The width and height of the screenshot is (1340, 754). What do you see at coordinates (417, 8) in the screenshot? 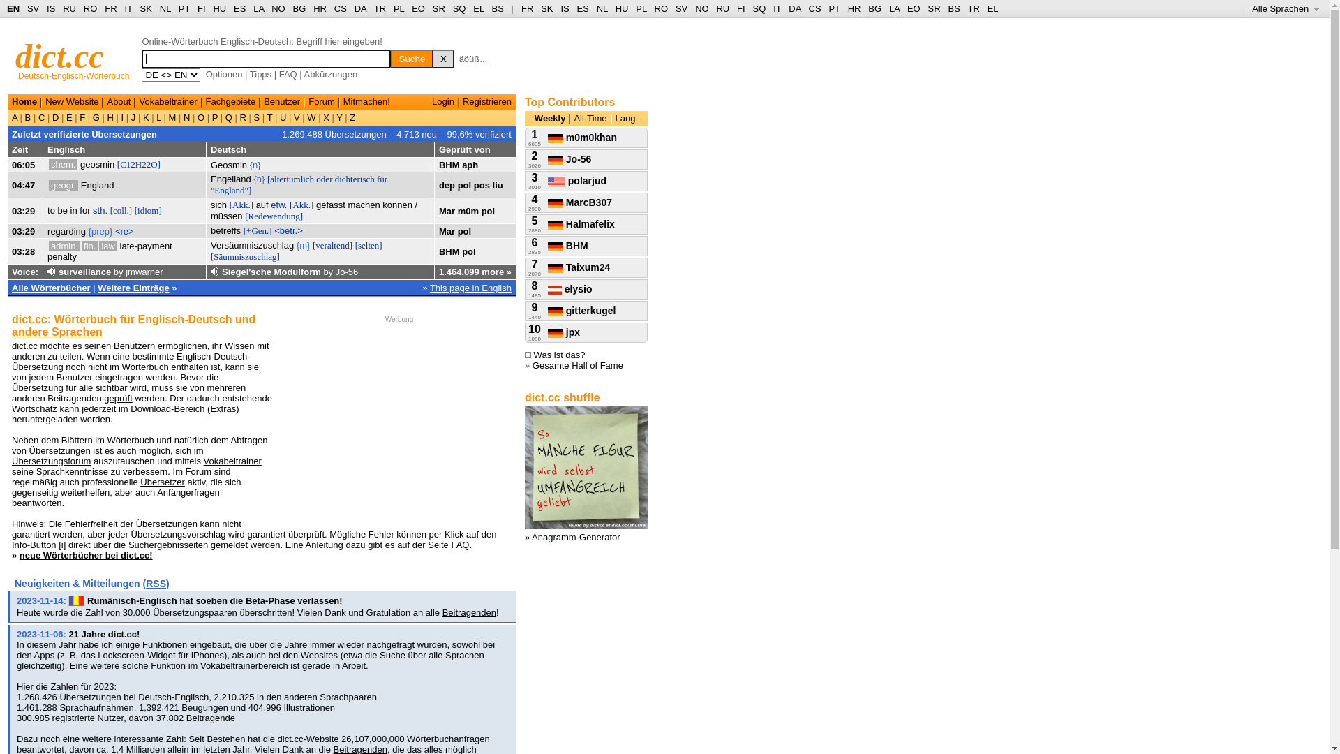
I see `'EO'` at bounding box center [417, 8].